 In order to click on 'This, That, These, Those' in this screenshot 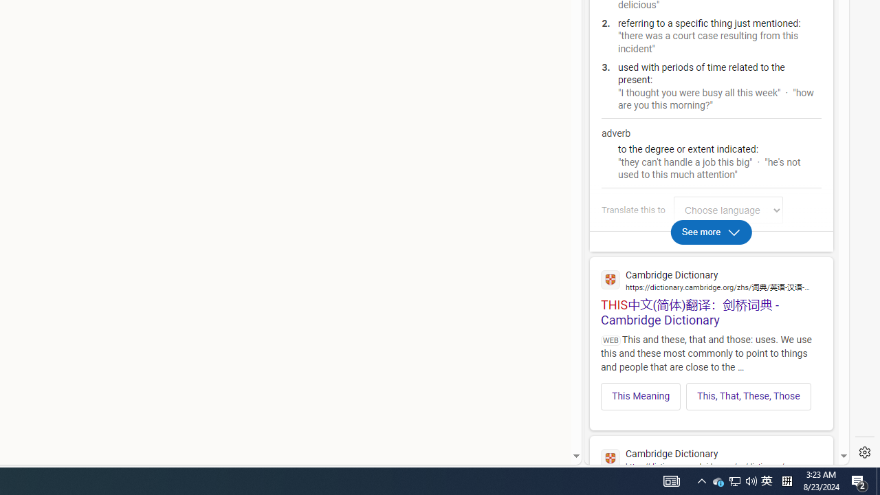, I will do `click(747, 396)`.